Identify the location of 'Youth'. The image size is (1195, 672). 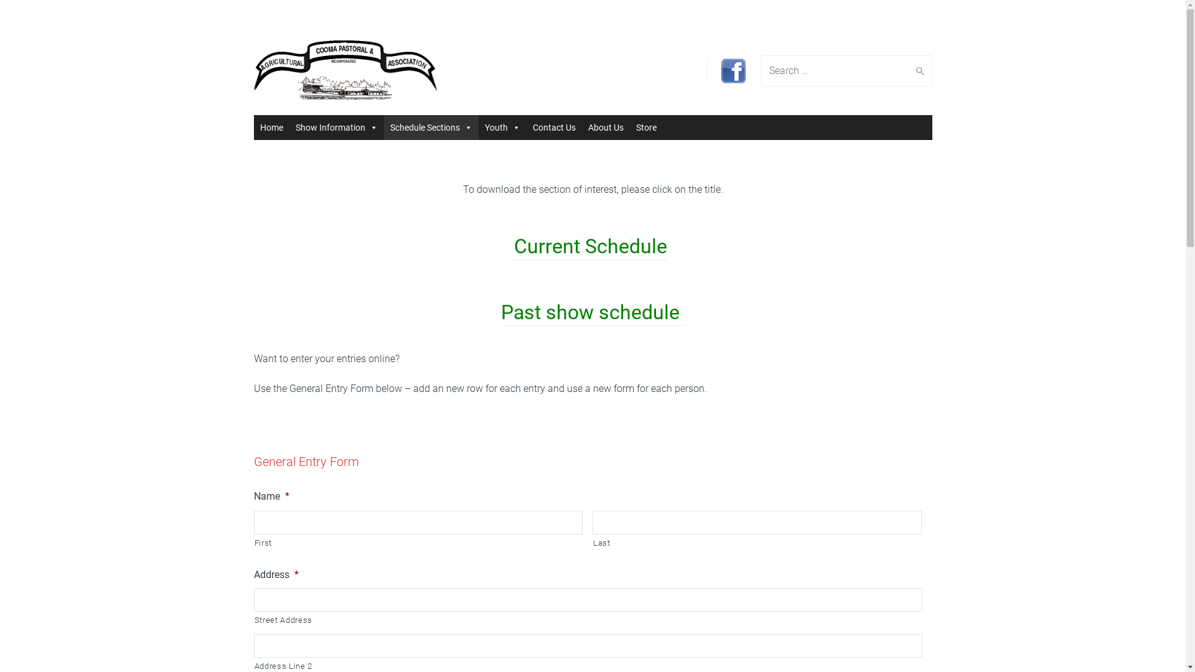
(502, 127).